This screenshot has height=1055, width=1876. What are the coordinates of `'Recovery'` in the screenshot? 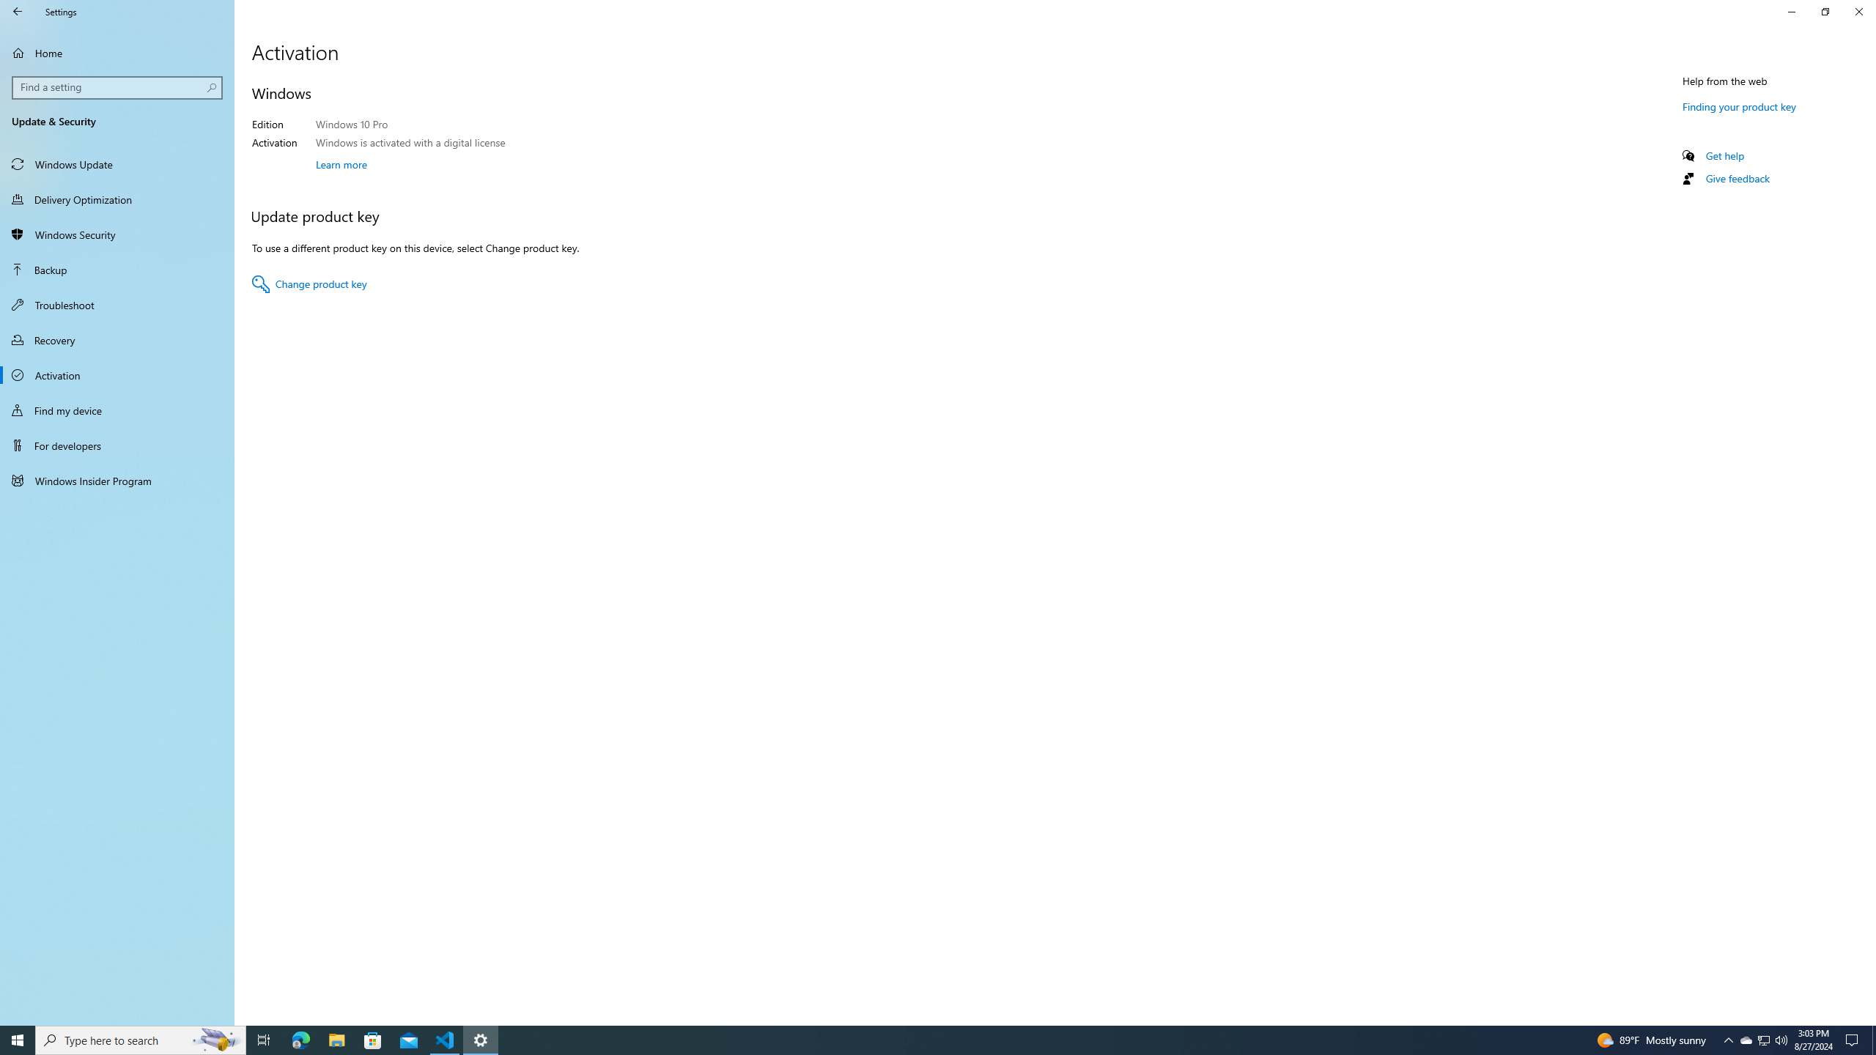 It's located at (117, 339).